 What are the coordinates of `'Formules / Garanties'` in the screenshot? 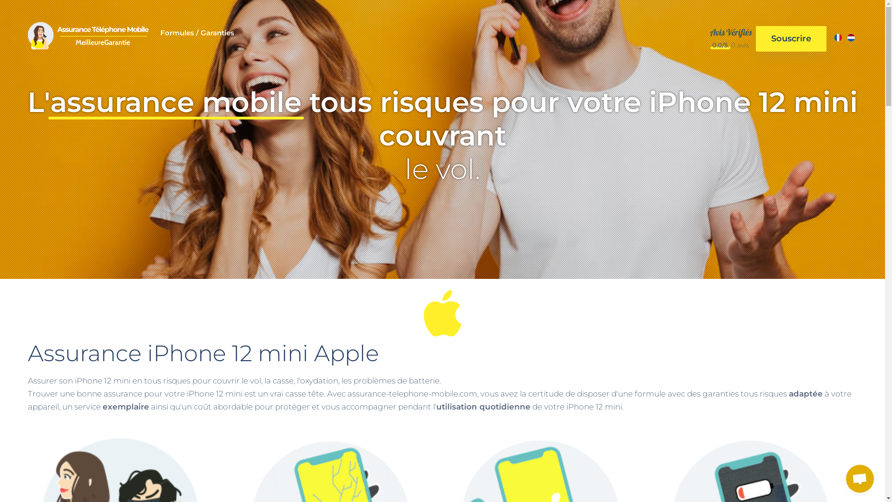 It's located at (197, 38).